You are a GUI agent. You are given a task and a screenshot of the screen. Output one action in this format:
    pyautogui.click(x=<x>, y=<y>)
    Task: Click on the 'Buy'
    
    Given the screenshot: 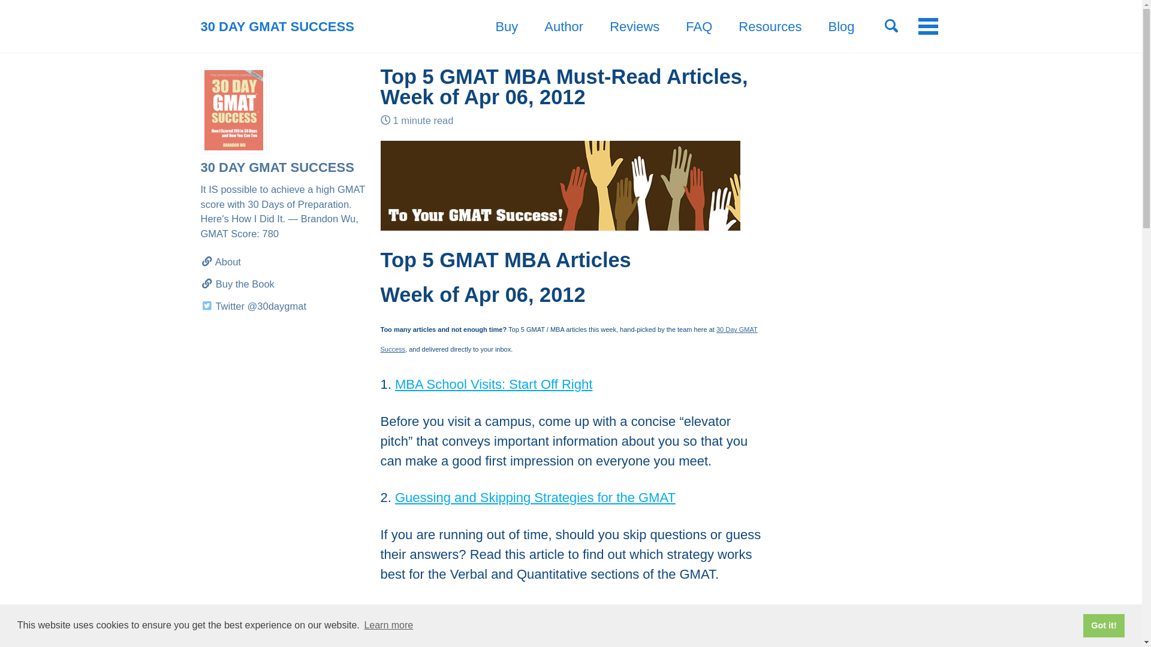 What is the action you would take?
    pyautogui.click(x=506, y=26)
    